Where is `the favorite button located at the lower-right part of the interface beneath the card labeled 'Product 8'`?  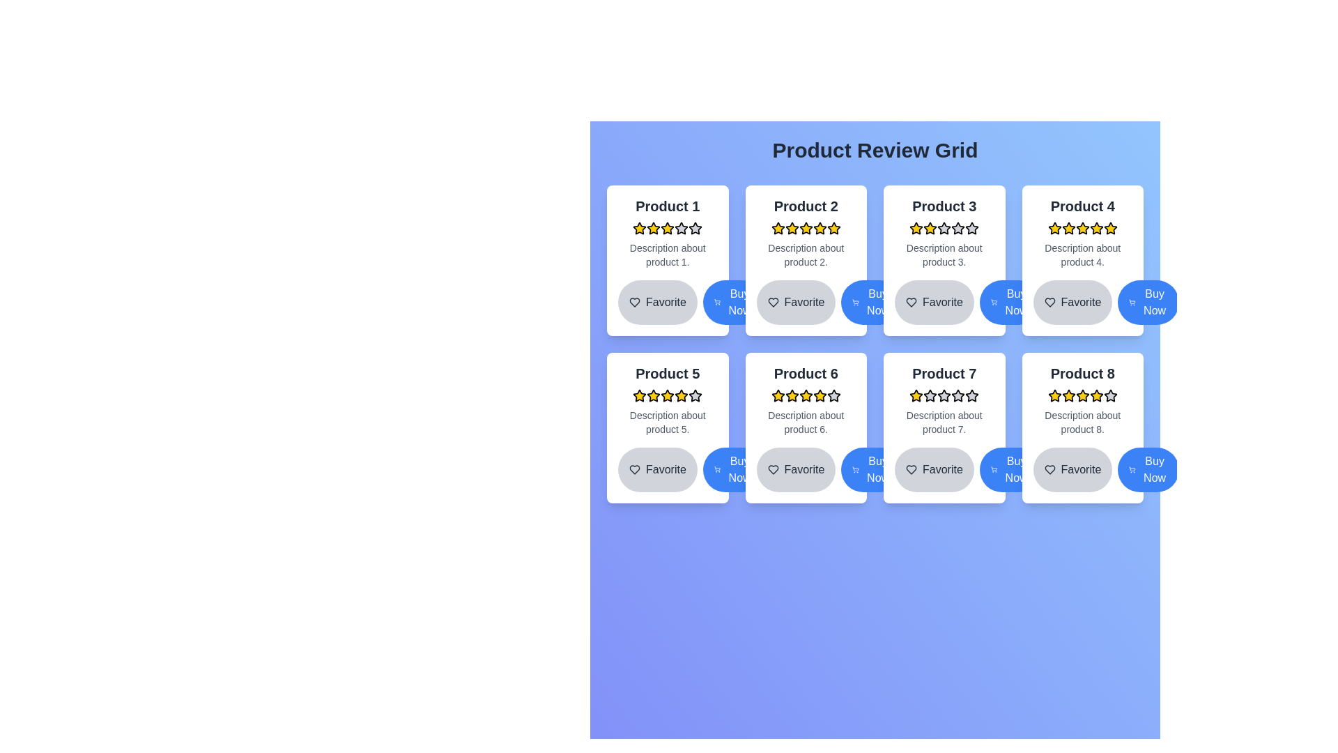 the favorite button located at the lower-right part of the interface beneath the card labeled 'Product 8' is located at coordinates (1072, 470).